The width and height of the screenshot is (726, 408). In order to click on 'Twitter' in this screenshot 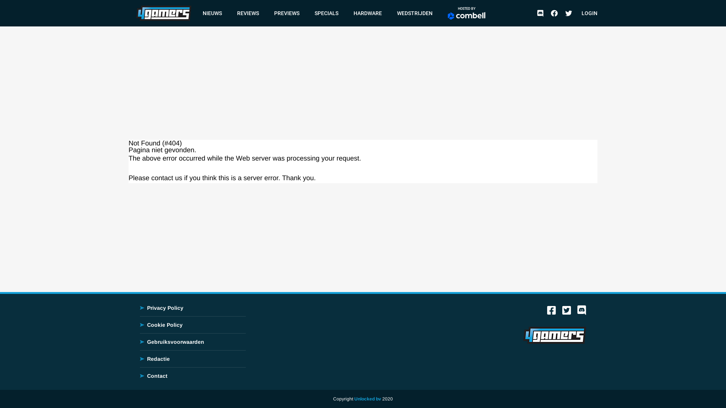, I will do `click(568, 13)`.